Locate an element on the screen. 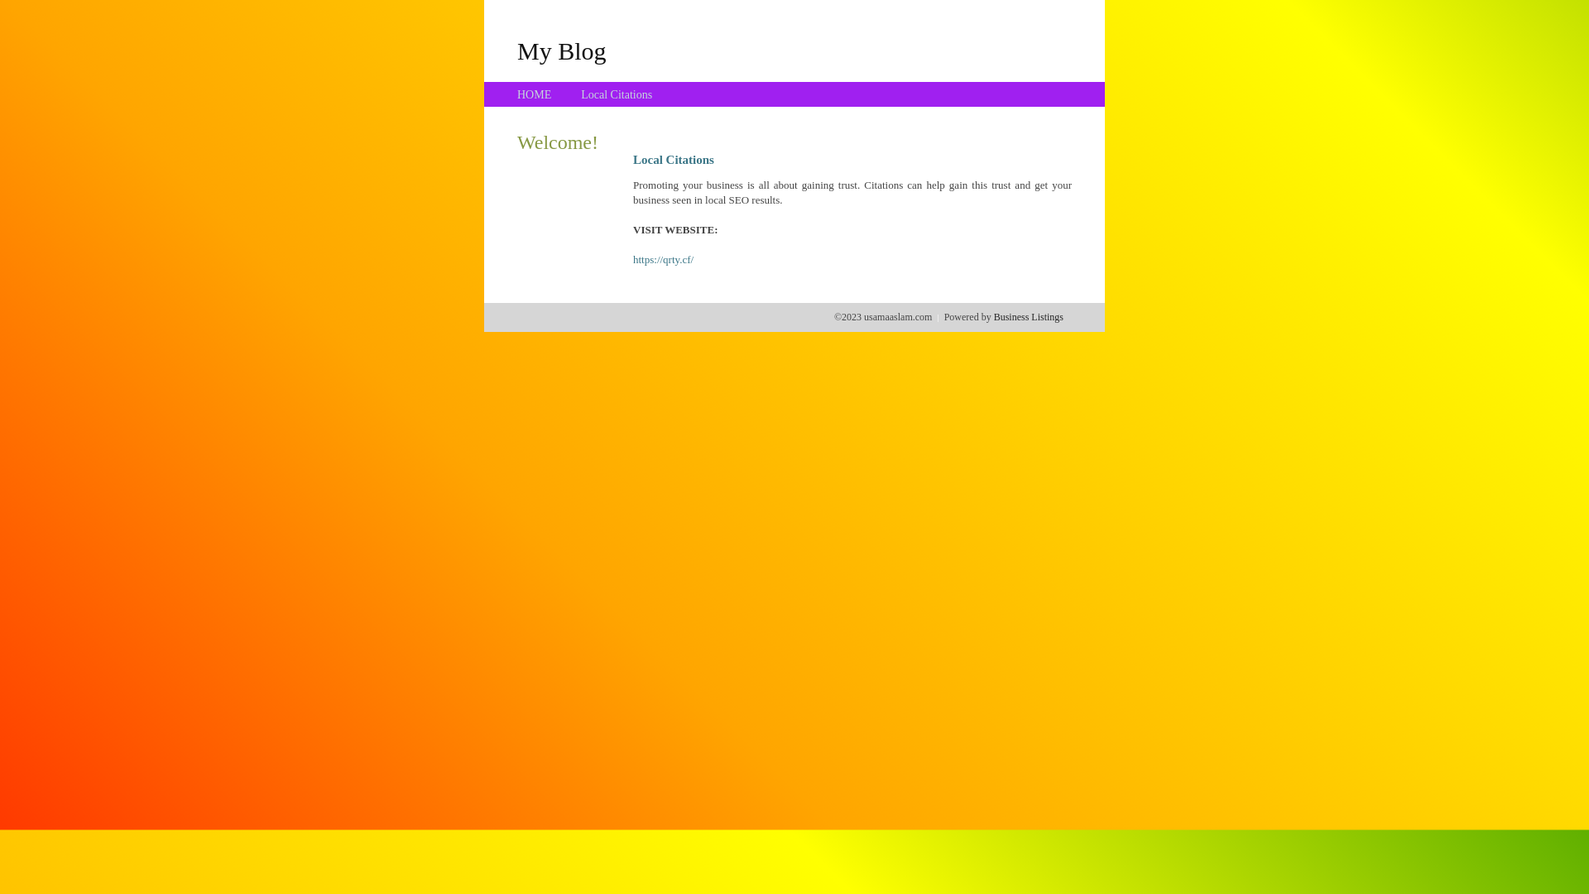 The height and width of the screenshot is (894, 1589). 'Local Citations' is located at coordinates (615, 94).